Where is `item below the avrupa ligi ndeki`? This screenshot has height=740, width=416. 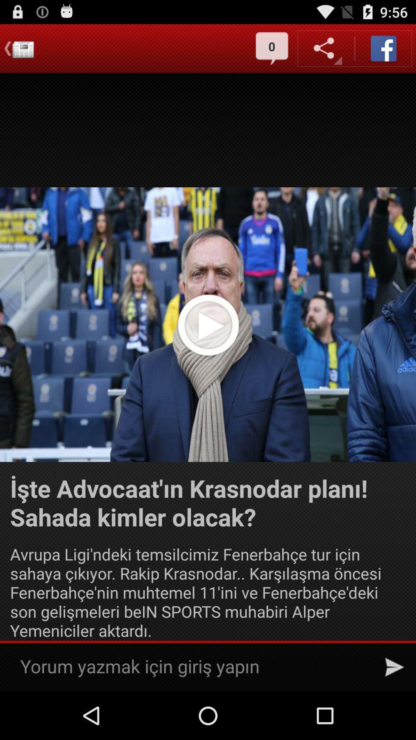 item below the avrupa ligi ndeki is located at coordinates (394, 667).